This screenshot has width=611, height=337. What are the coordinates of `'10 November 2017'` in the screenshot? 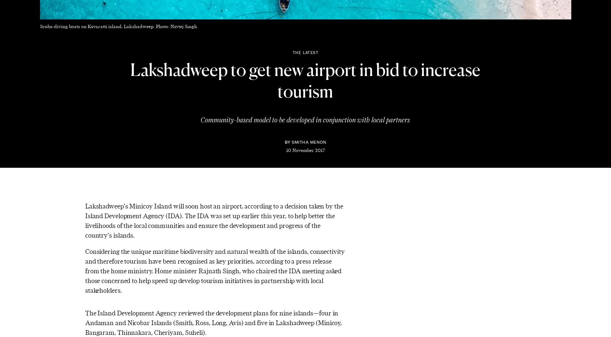 It's located at (305, 149).